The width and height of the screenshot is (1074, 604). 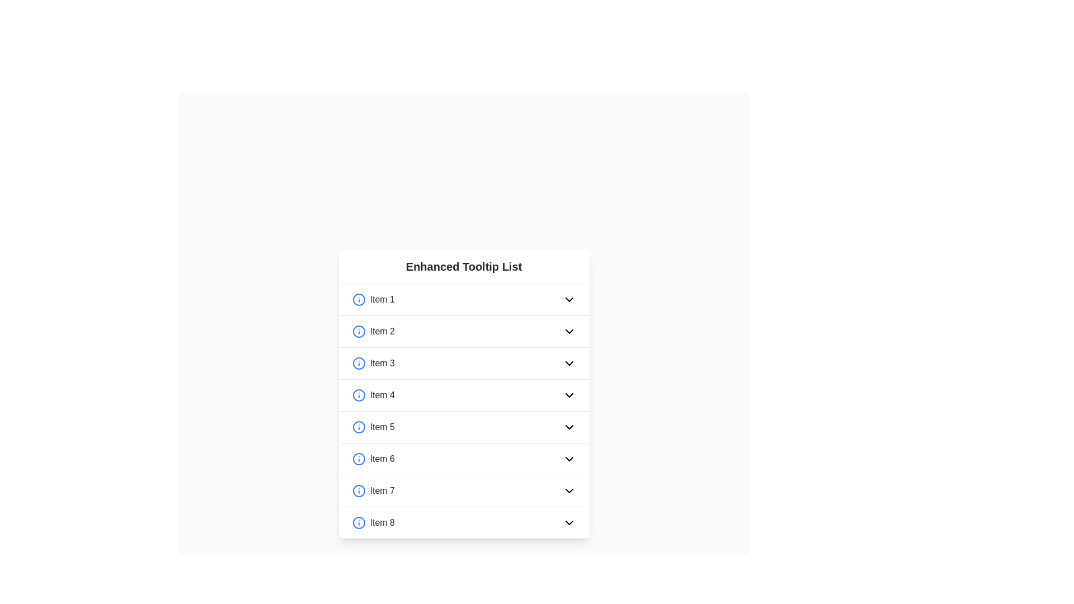 What do you see at coordinates (373, 299) in the screenshot?
I see `the text label displaying 'Item 1' which is in bold, medium-gray font, positioned next to a blue circular information icon in the upper segment of the Enhanced Tooltip List` at bounding box center [373, 299].